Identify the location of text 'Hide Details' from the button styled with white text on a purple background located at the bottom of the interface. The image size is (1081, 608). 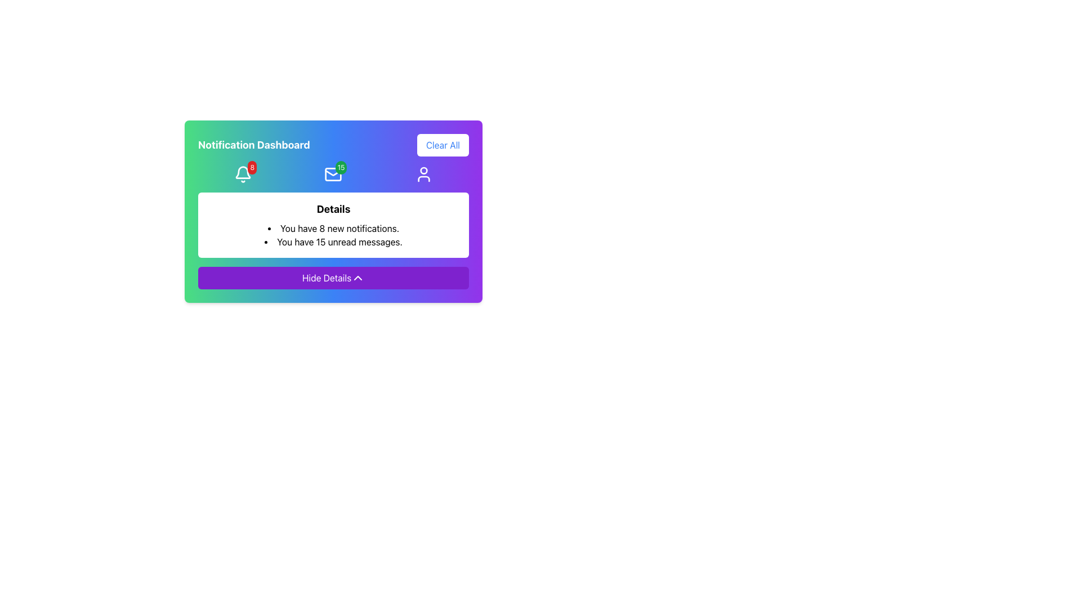
(326, 278).